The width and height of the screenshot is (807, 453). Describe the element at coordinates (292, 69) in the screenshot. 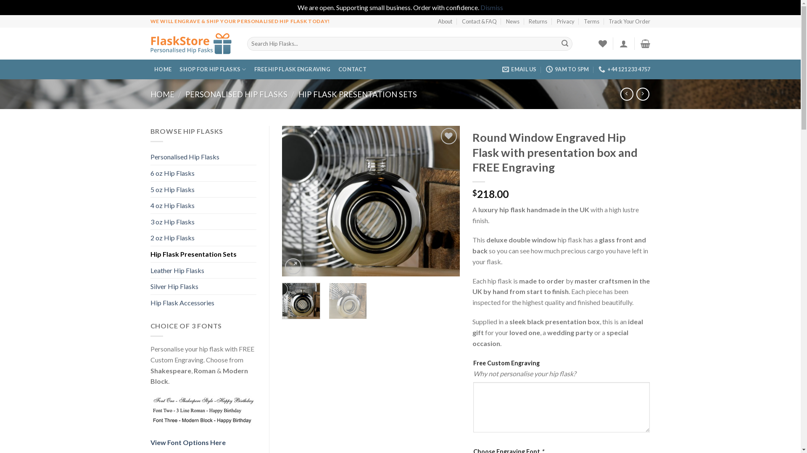

I see `'FREE HIP FLASK ENGRAVING'` at that location.